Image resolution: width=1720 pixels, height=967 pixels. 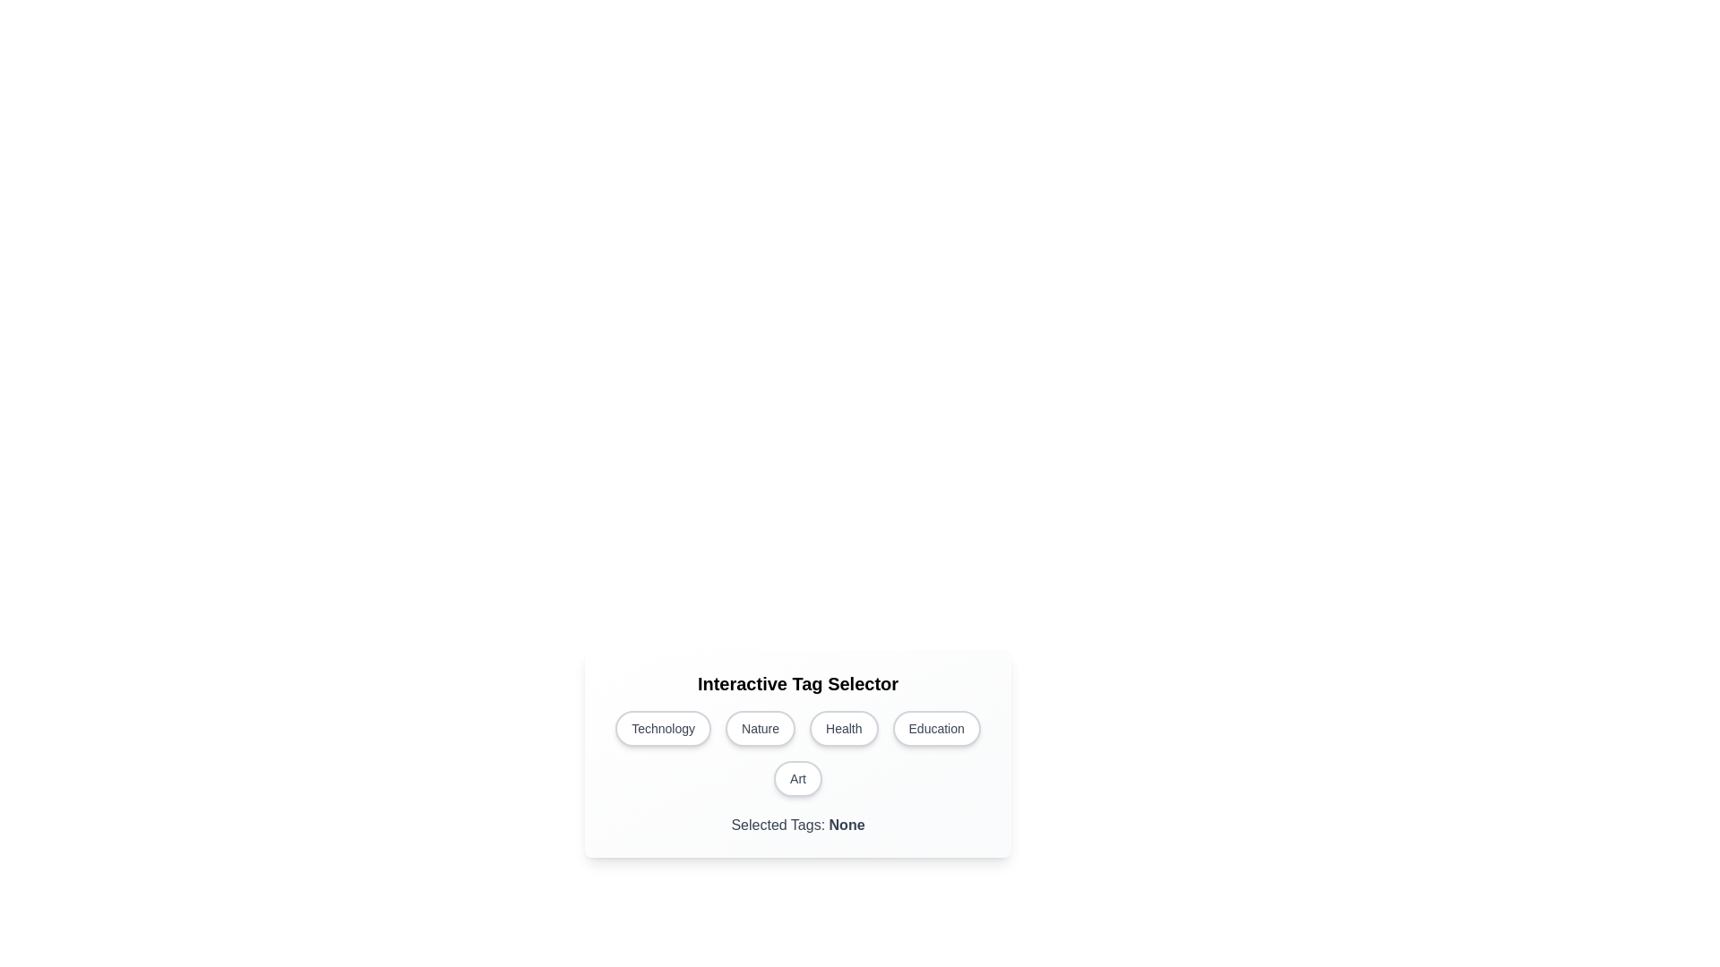 What do you see at coordinates (662, 728) in the screenshot?
I see `the Technology tag to select or deselect it` at bounding box center [662, 728].